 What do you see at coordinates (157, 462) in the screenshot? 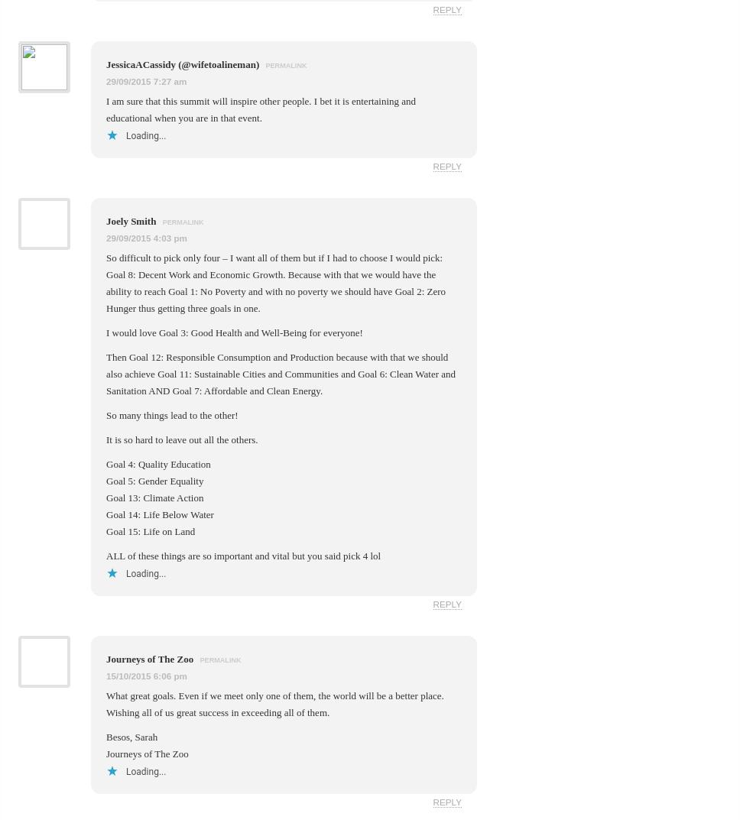
I see `'Goal 4: Quality Education'` at bounding box center [157, 462].